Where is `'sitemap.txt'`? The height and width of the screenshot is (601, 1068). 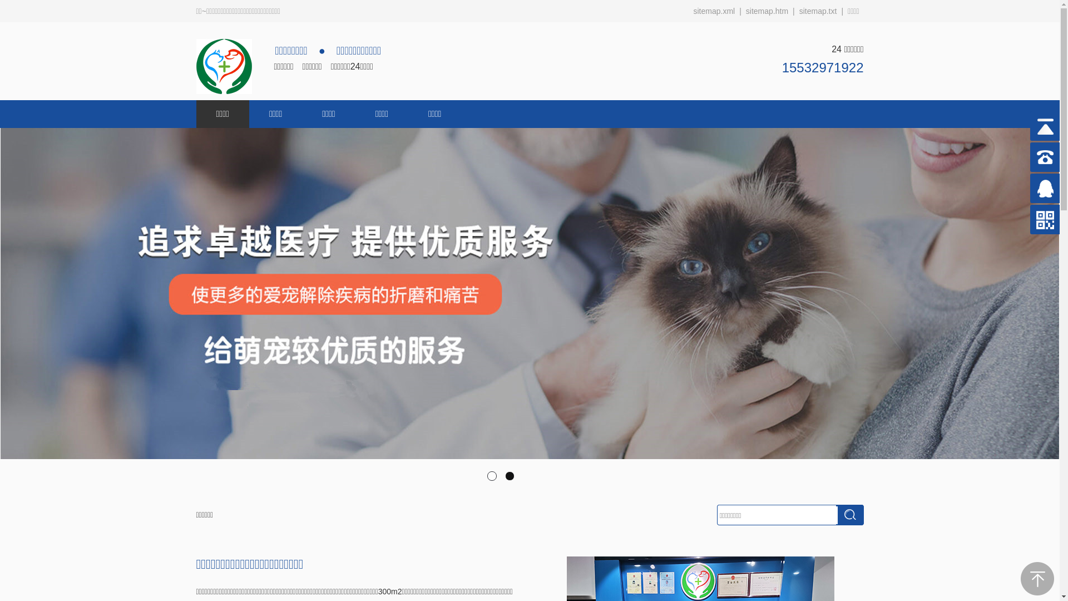
'sitemap.txt' is located at coordinates (818, 11).